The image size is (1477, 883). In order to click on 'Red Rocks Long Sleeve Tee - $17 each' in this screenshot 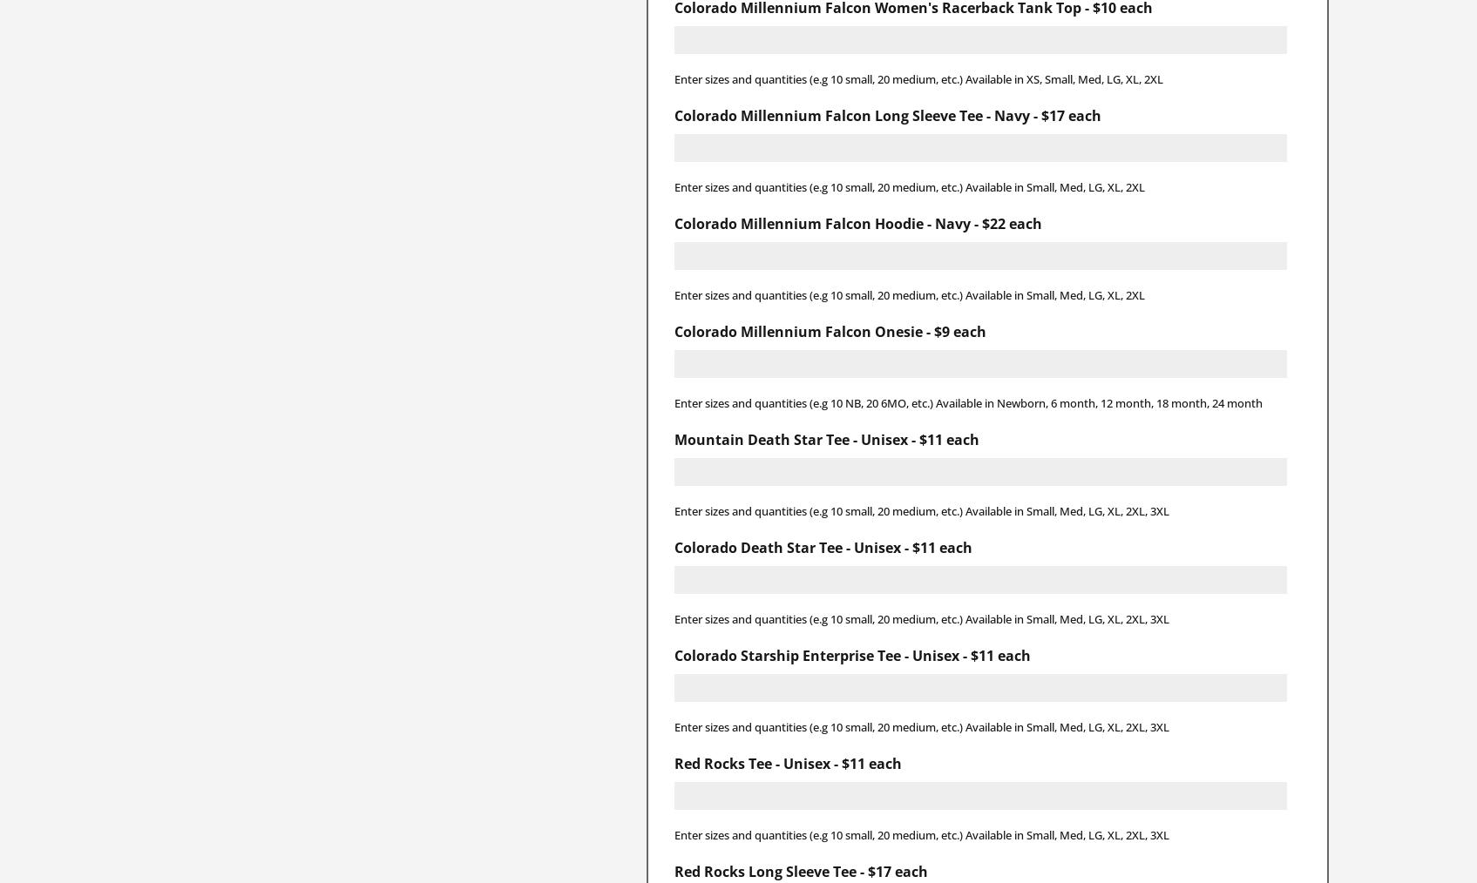, I will do `click(800, 871)`.